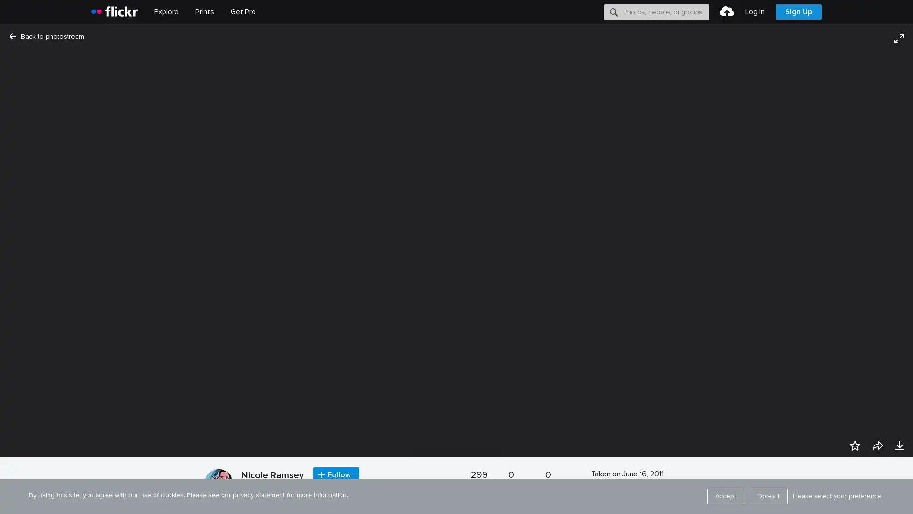 This screenshot has height=514, width=913. Describe the element at coordinates (614, 11) in the screenshot. I see `Search` at that location.